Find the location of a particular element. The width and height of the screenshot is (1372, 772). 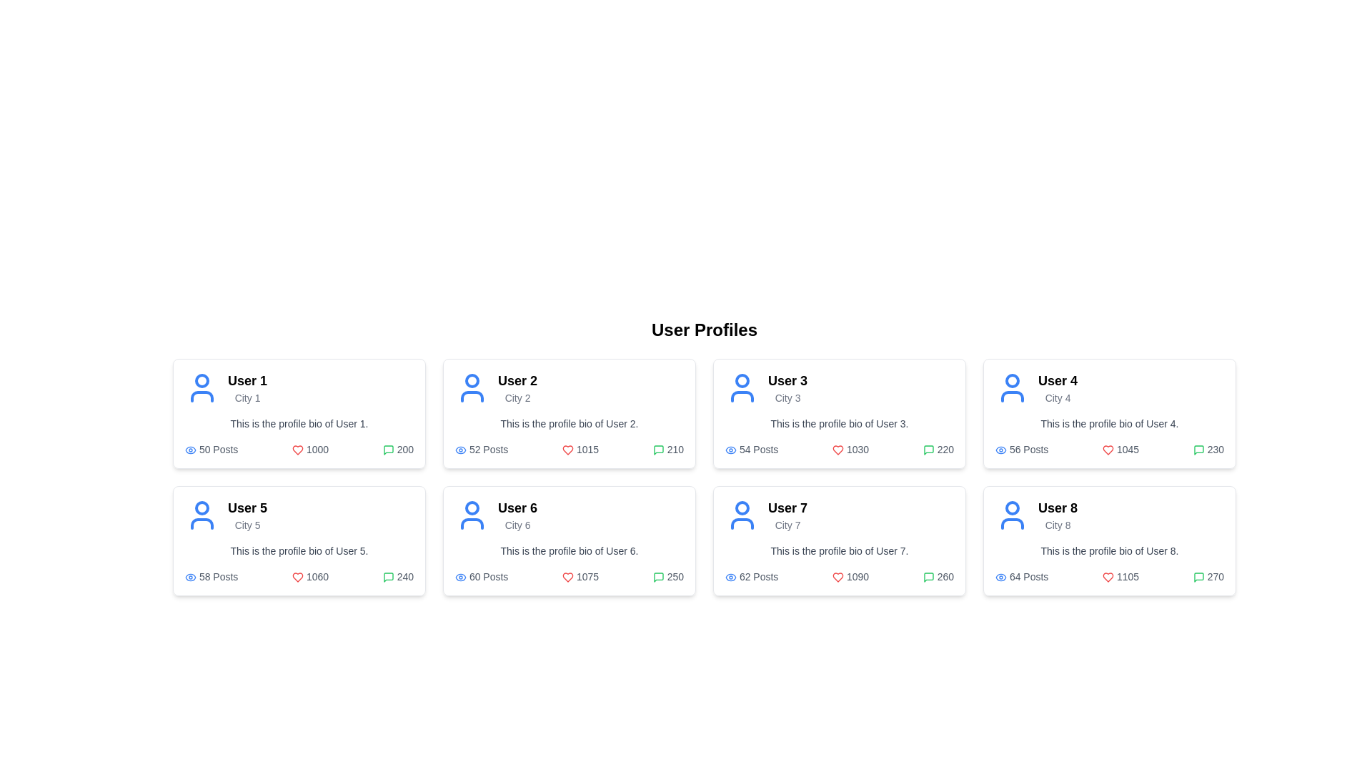

the heart-shaped icon representing the 'like' or 'favorite' button for 'User 4', located in the bottom-right area of their profile card is located at coordinates (1107, 450).